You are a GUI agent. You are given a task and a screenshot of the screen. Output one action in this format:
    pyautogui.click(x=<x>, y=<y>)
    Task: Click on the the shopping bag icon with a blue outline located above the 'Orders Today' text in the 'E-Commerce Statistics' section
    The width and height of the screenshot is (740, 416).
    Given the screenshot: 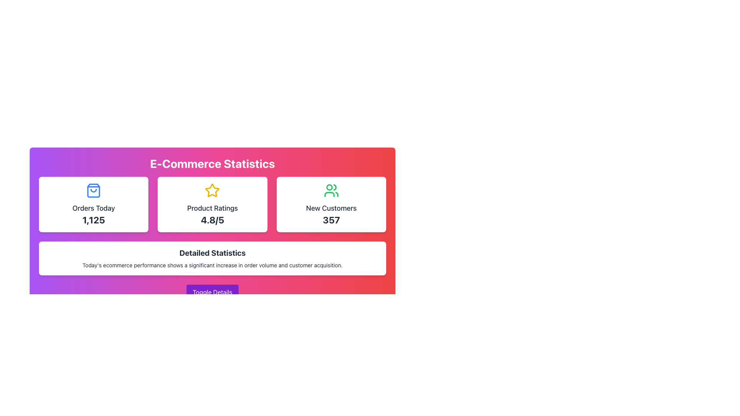 What is the action you would take?
    pyautogui.click(x=93, y=190)
    